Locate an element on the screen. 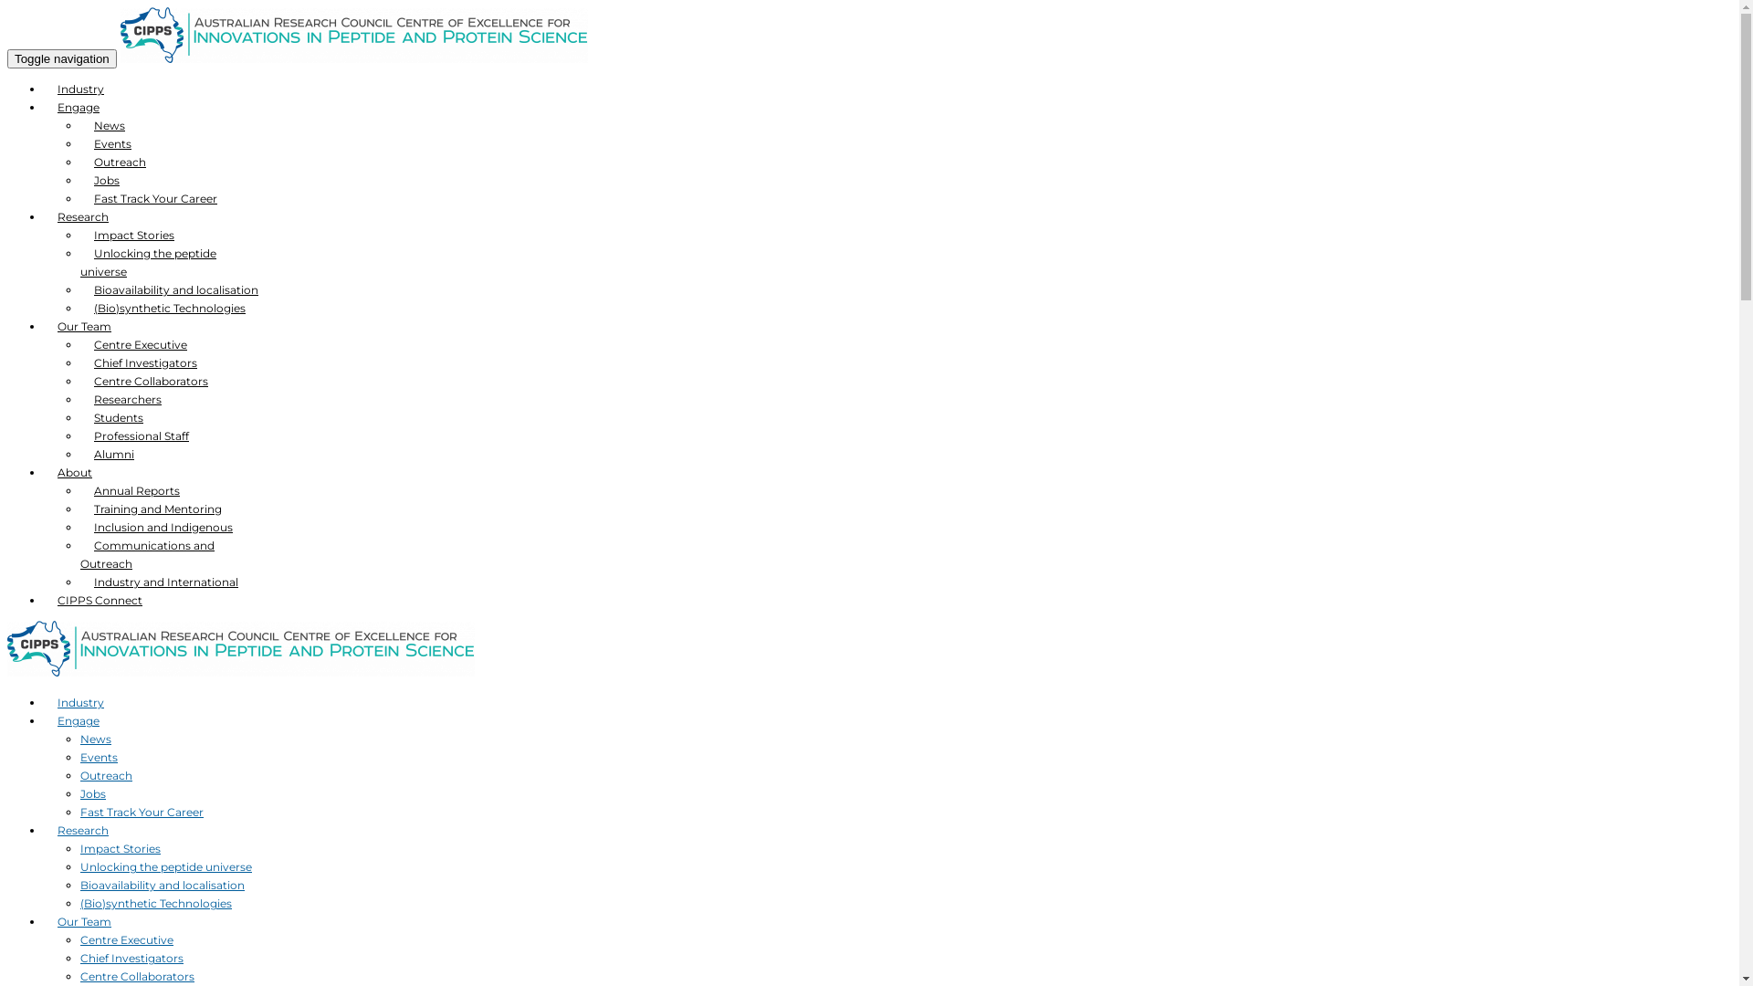 The width and height of the screenshot is (1753, 986). 'Our Team' is located at coordinates (83, 921).